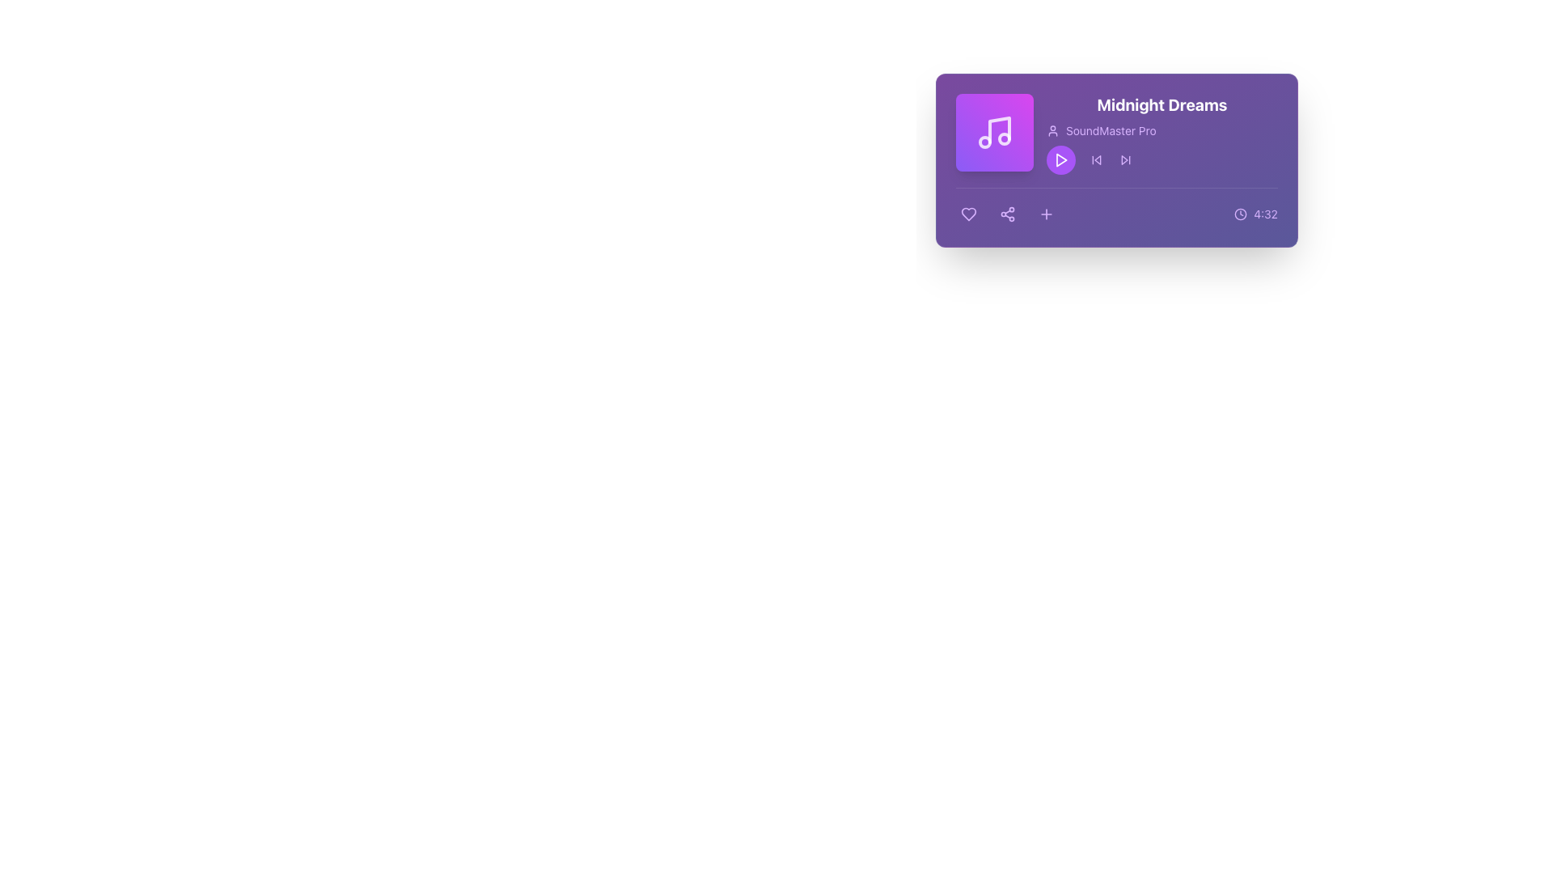  I want to click on the 'Like' button represented by a heart icon located in the bottom-left section of the music information card to mark the content as liked, so click(969, 214).